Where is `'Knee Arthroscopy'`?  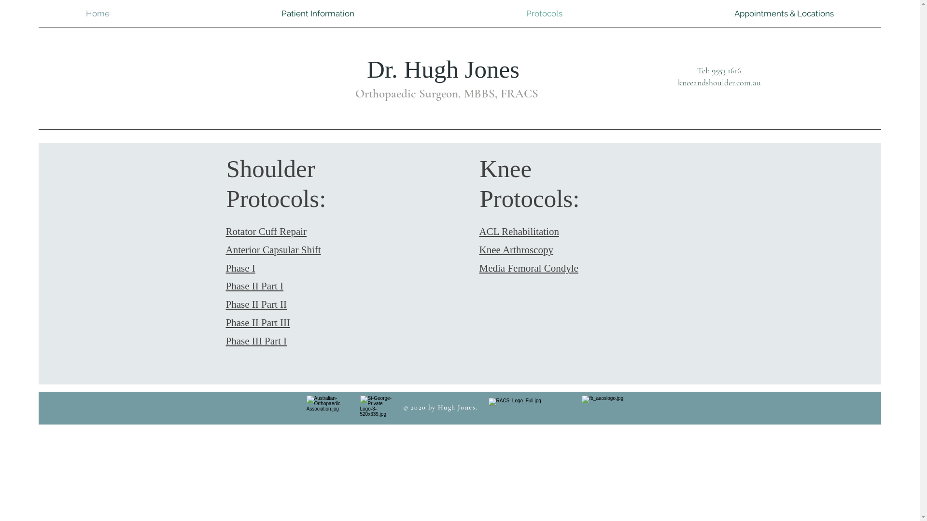
'Knee Arthroscopy' is located at coordinates (515, 249).